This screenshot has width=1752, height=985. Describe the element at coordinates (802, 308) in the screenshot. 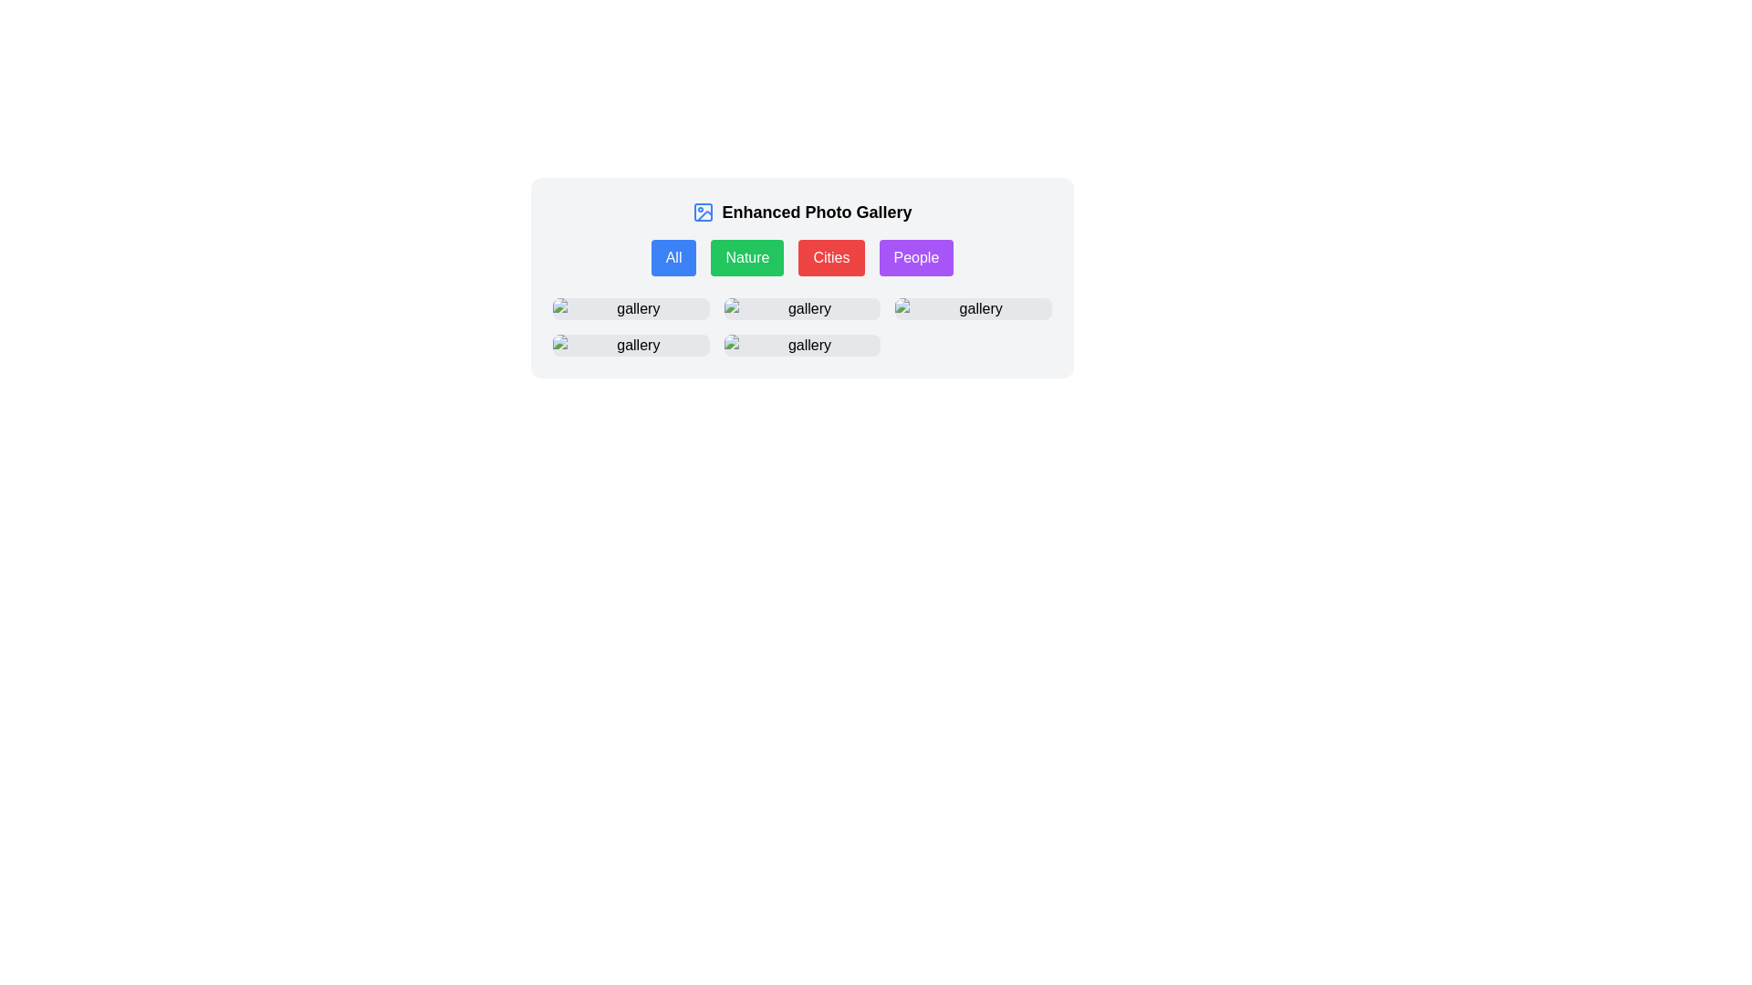

I see `the second button in the first row of the grid layout` at that location.